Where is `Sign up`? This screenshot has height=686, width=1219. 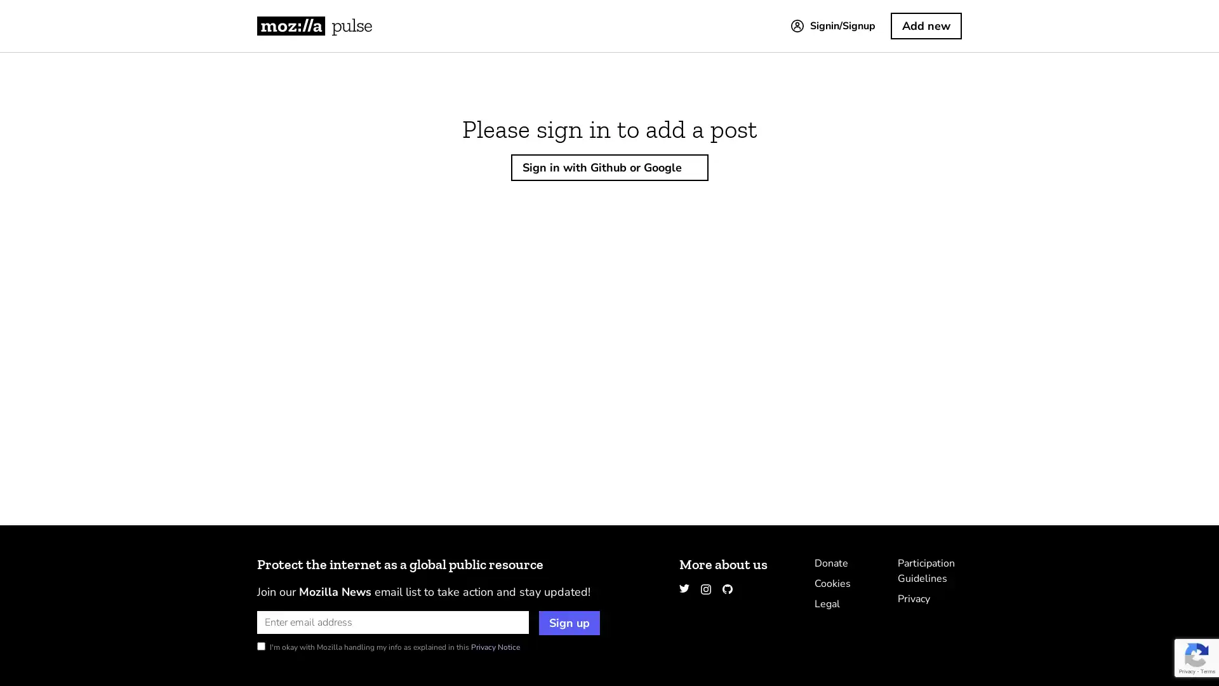
Sign up is located at coordinates (569, 622).